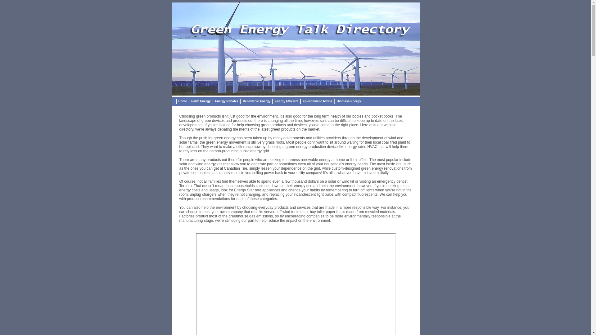 The height and width of the screenshot is (335, 596). Describe the element at coordinates (342, 194) in the screenshot. I see `'compact fluorescents'` at that location.